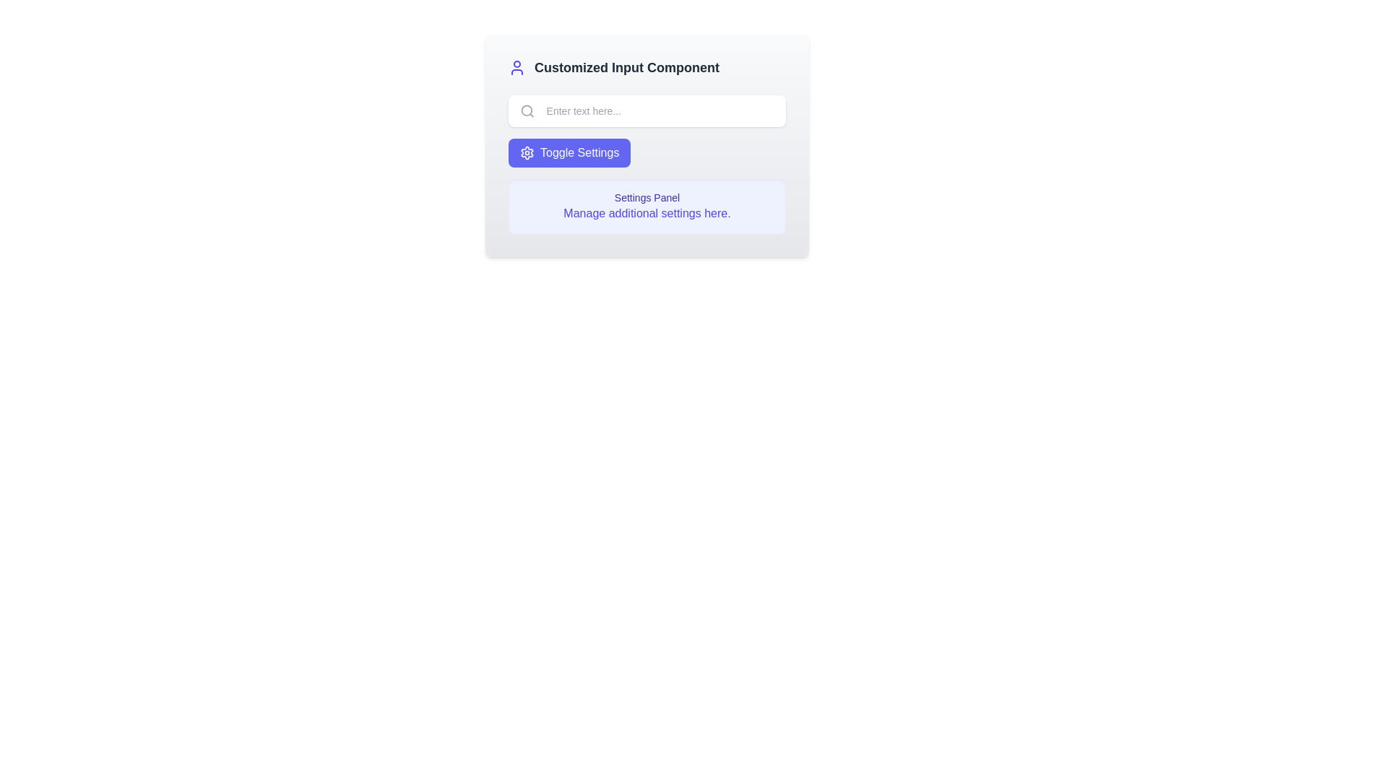 The height and width of the screenshot is (780, 1387). What do you see at coordinates (647, 214) in the screenshot?
I see `the static text label located within the 'Settings Panel' bordered box, which informs users about additional settings` at bounding box center [647, 214].